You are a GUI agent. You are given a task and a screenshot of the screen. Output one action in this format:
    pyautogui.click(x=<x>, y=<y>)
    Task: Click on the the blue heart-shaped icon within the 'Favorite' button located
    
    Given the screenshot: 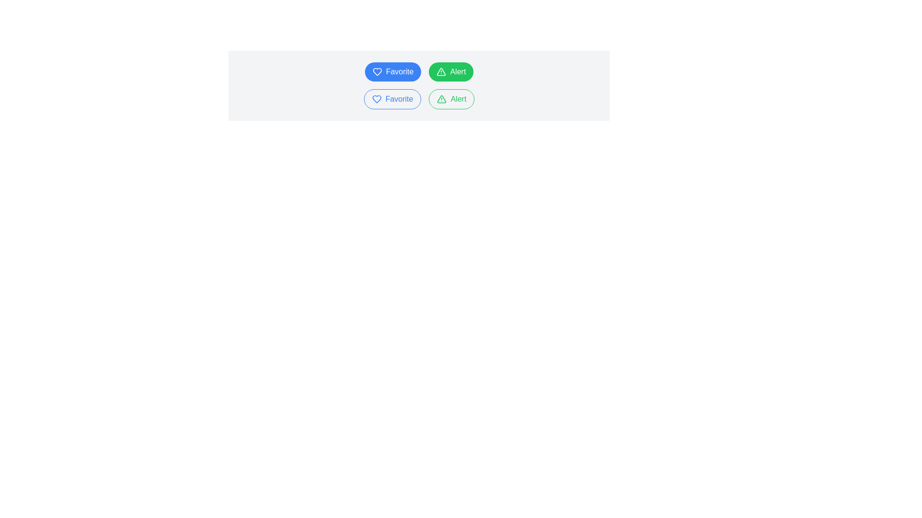 What is the action you would take?
    pyautogui.click(x=376, y=99)
    